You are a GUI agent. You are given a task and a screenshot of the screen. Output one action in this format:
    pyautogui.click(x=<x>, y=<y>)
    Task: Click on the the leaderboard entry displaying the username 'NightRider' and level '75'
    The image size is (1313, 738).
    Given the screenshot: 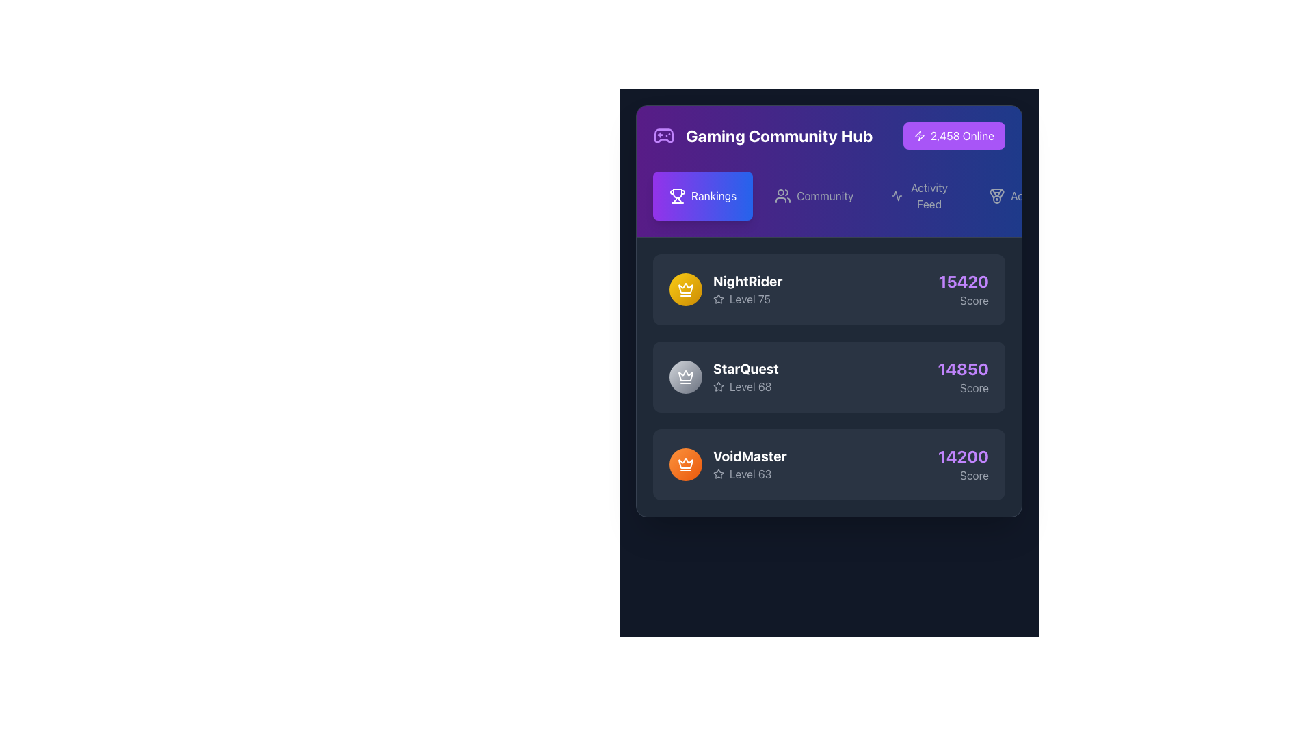 What is the action you would take?
    pyautogui.click(x=747, y=289)
    